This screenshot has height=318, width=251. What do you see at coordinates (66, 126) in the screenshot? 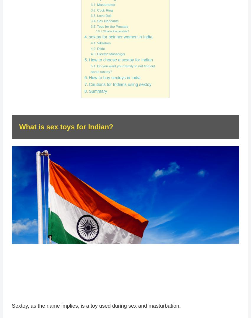
I see `'What is sex toys for Indian?'` at bounding box center [66, 126].